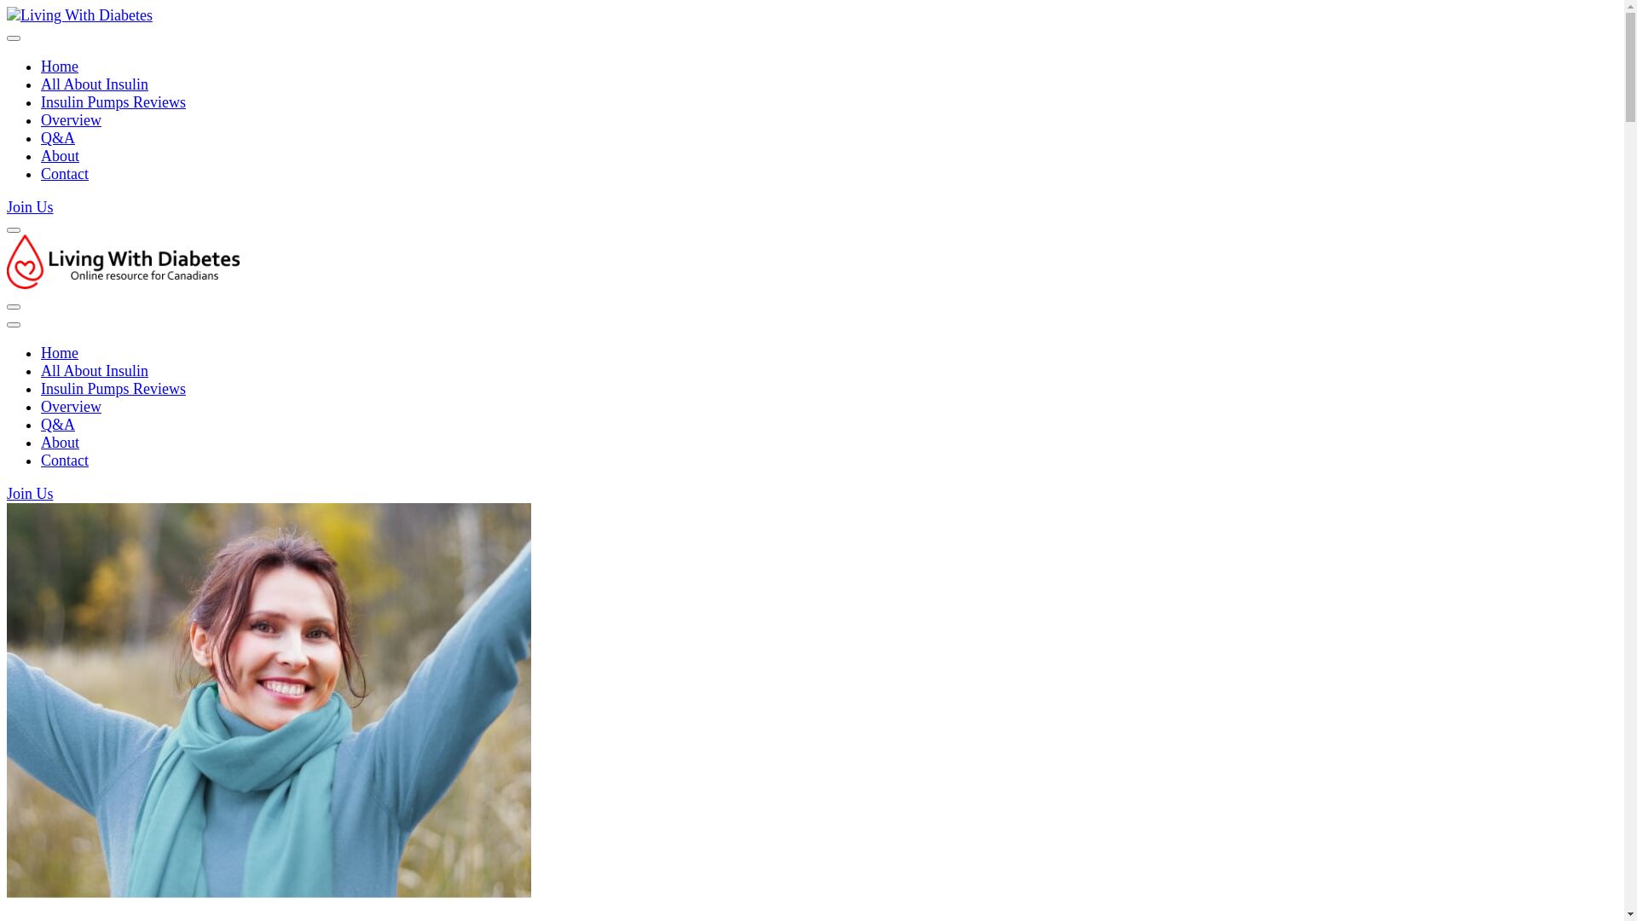  What do you see at coordinates (126, 327) in the screenshot?
I see `'Living With Diabetes'` at bounding box center [126, 327].